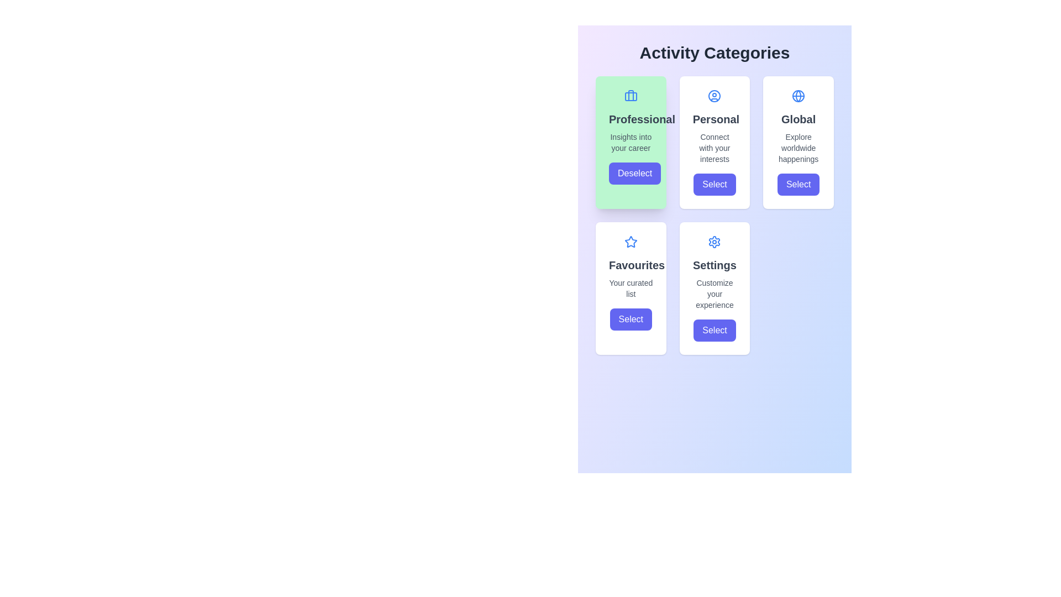 The height and width of the screenshot is (597, 1061). I want to click on the globe icon located at the top-right card in the 'Activity Categories' section, which represents the 'Global' theme, so click(799, 95).